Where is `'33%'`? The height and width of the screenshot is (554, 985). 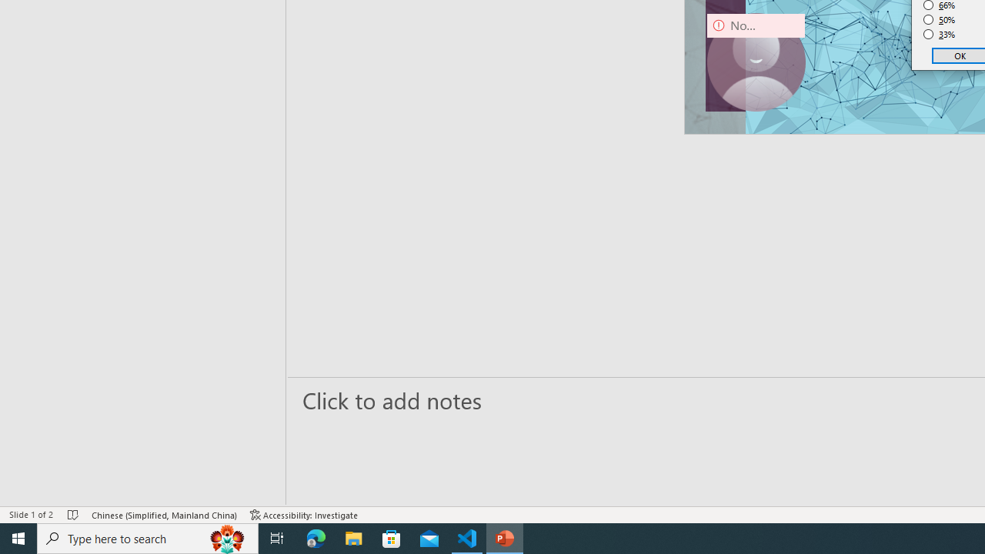 '33%' is located at coordinates (939, 35).